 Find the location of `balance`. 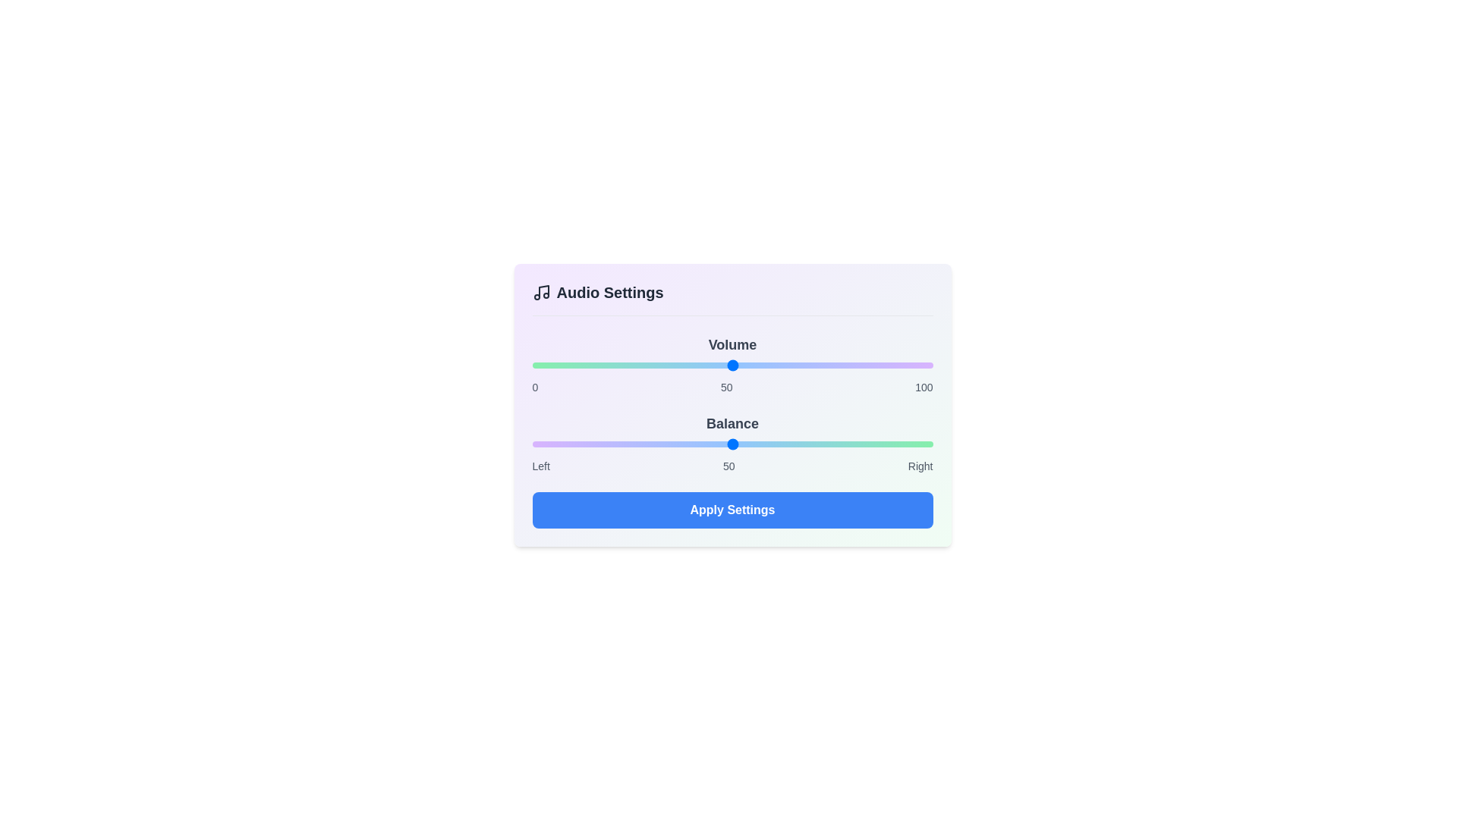

balance is located at coordinates (616, 444).